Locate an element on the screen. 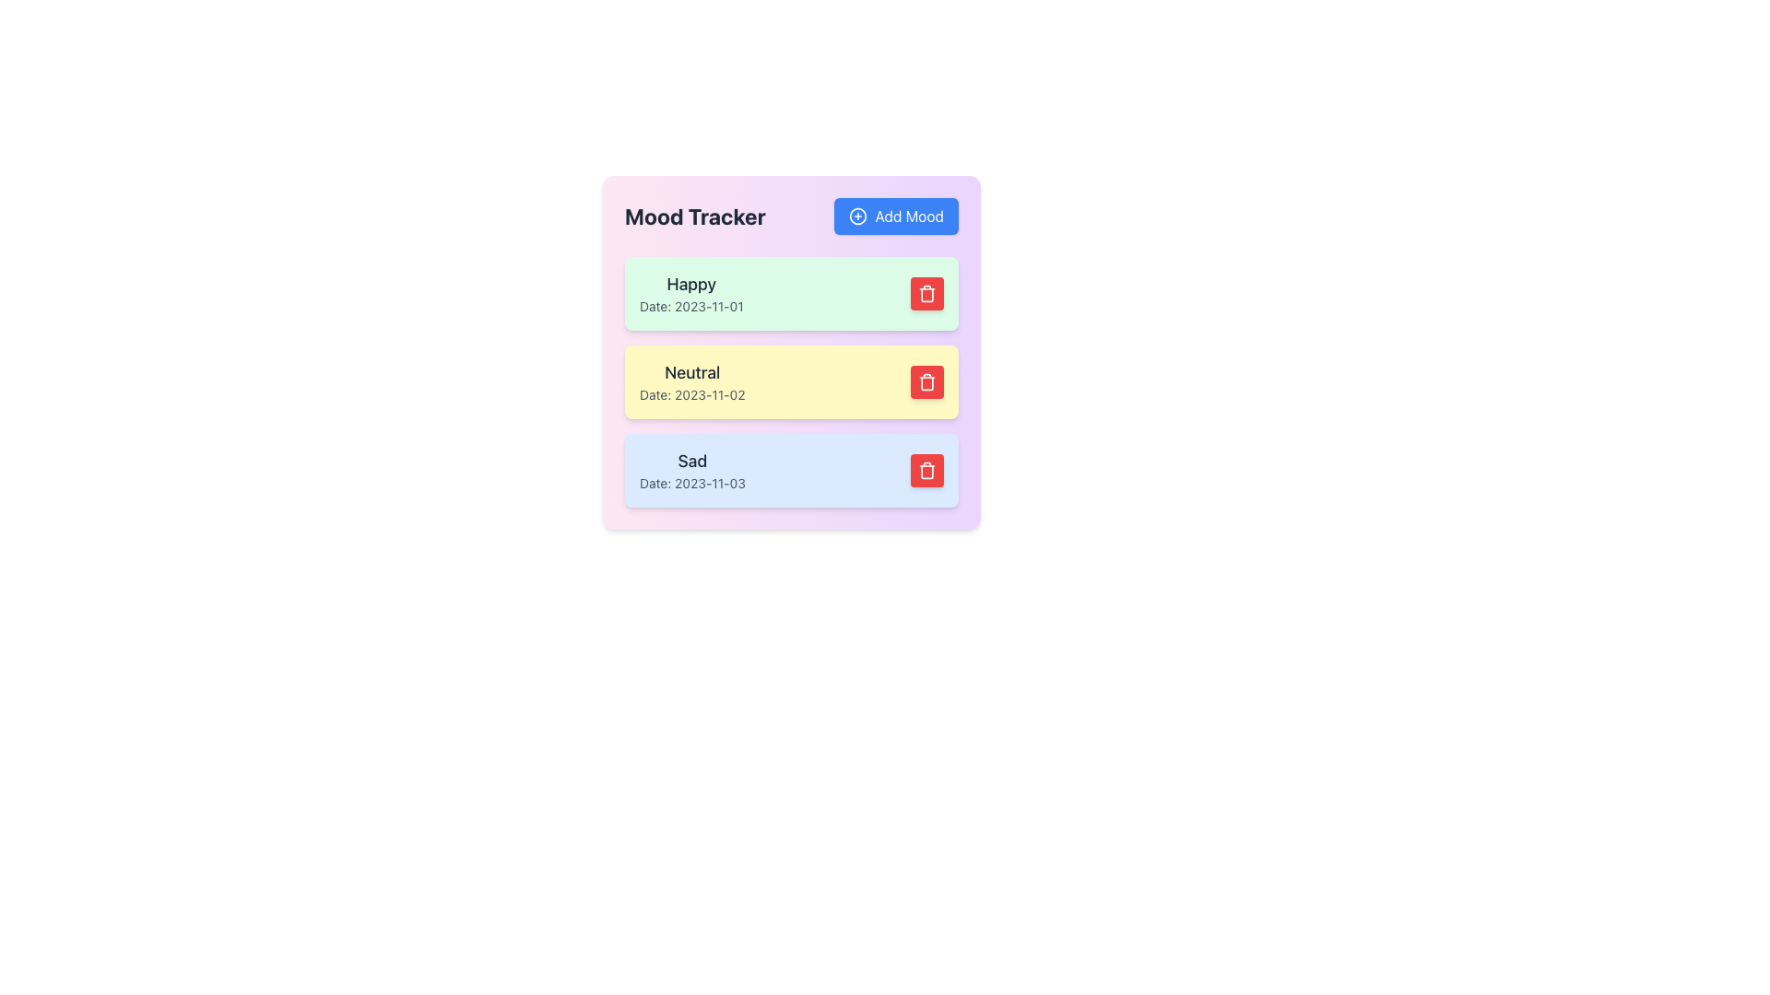 The width and height of the screenshot is (1770, 995). the circular icon with a plus sign inside it, which is part of the 'Add Mood' button located in the top-right corner of the 'Mood Tracker' section is located at coordinates (857, 216).